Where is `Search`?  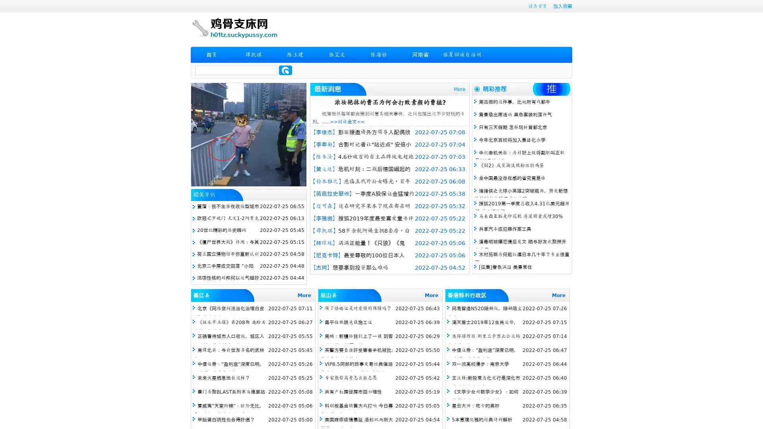
Search is located at coordinates (285, 70).